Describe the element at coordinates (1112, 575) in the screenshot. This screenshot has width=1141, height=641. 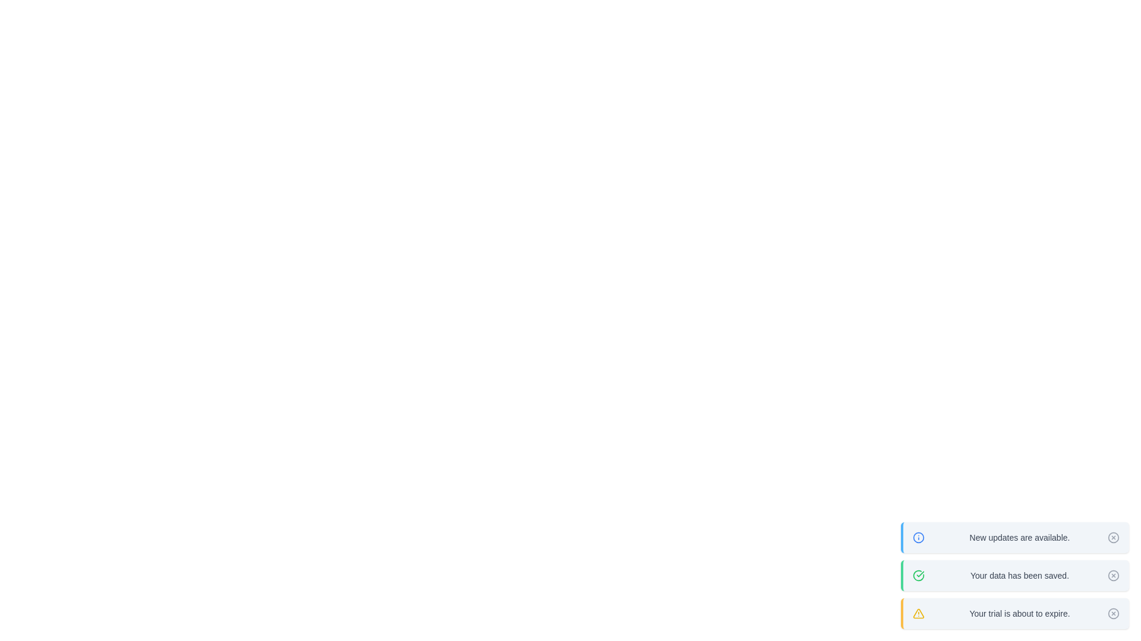
I see `the visual appearance of the circular close icon element, which is outlined with a thin solid border and has no fill color, located in the upper-right quadrant of the interface` at that location.